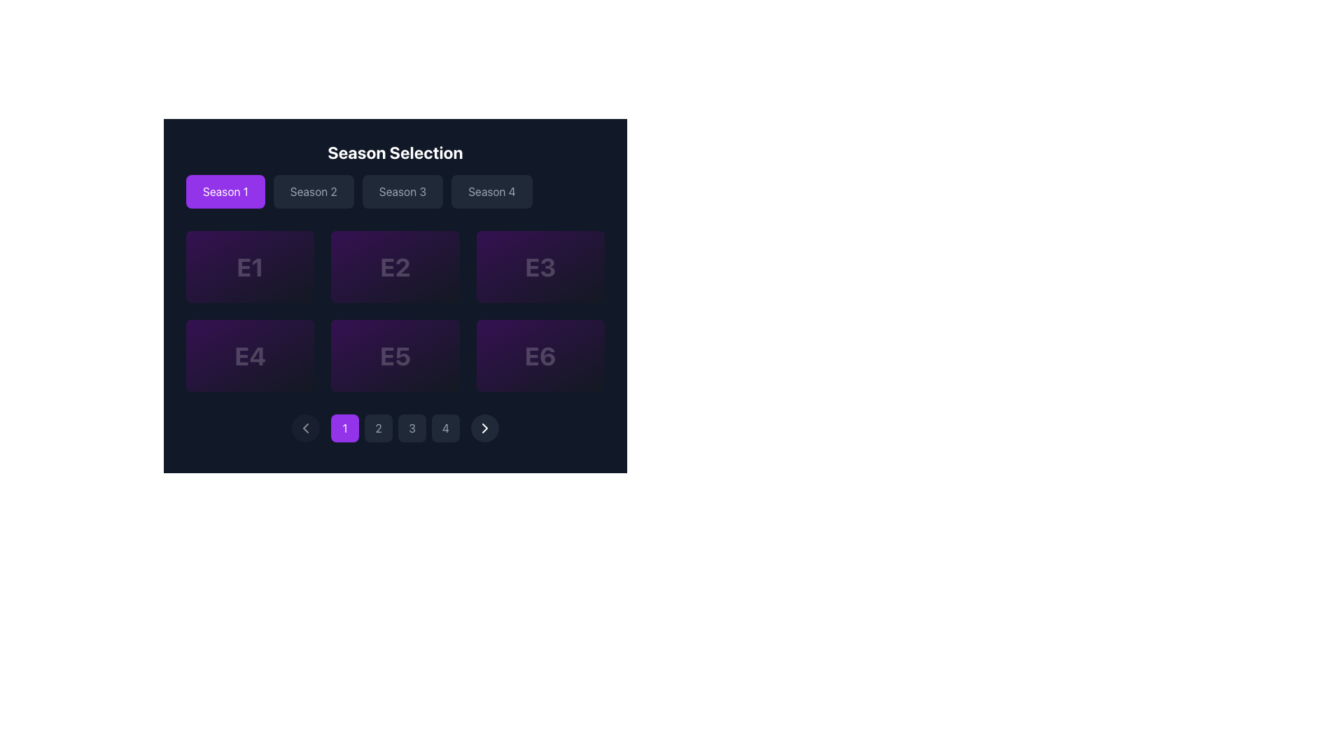  What do you see at coordinates (395, 267) in the screenshot?
I see `the rectangular, purple card featuring the text 'E2' in bold, light purple font to potentially reveal additional information` at bounding box center [395, 267].